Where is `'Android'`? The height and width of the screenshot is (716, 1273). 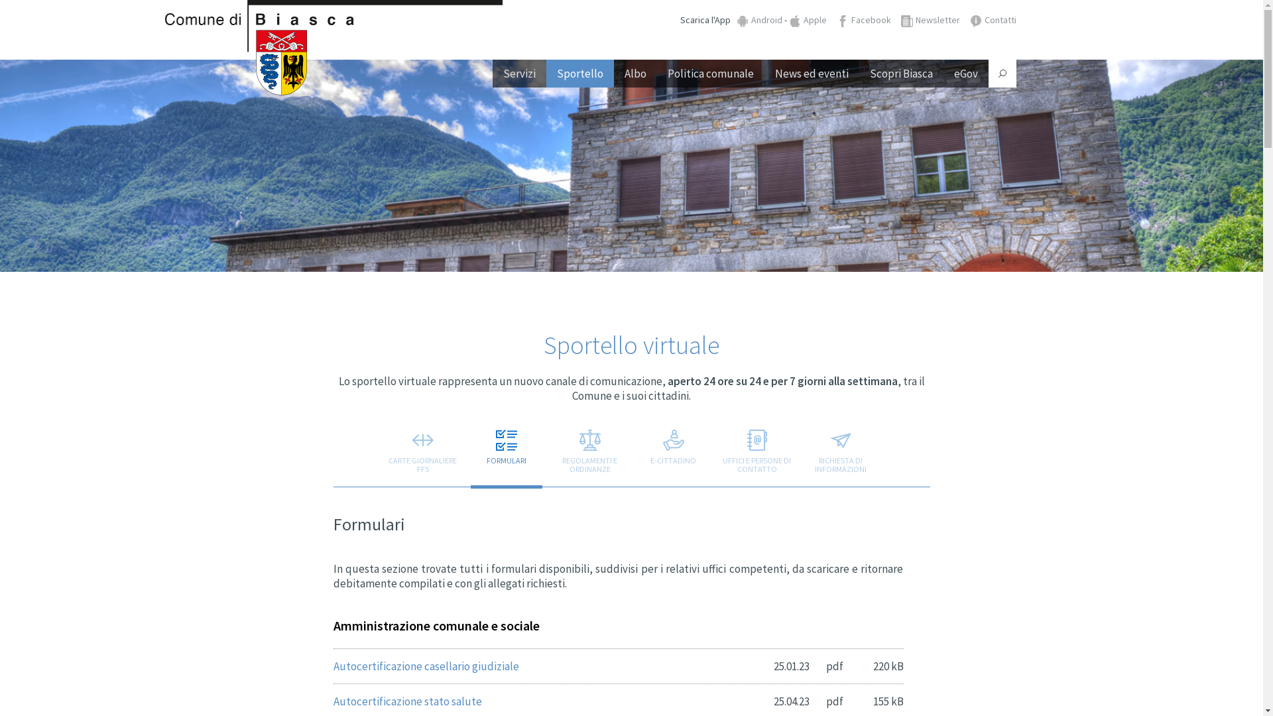 'Android' is located at coordinates (758, 20).